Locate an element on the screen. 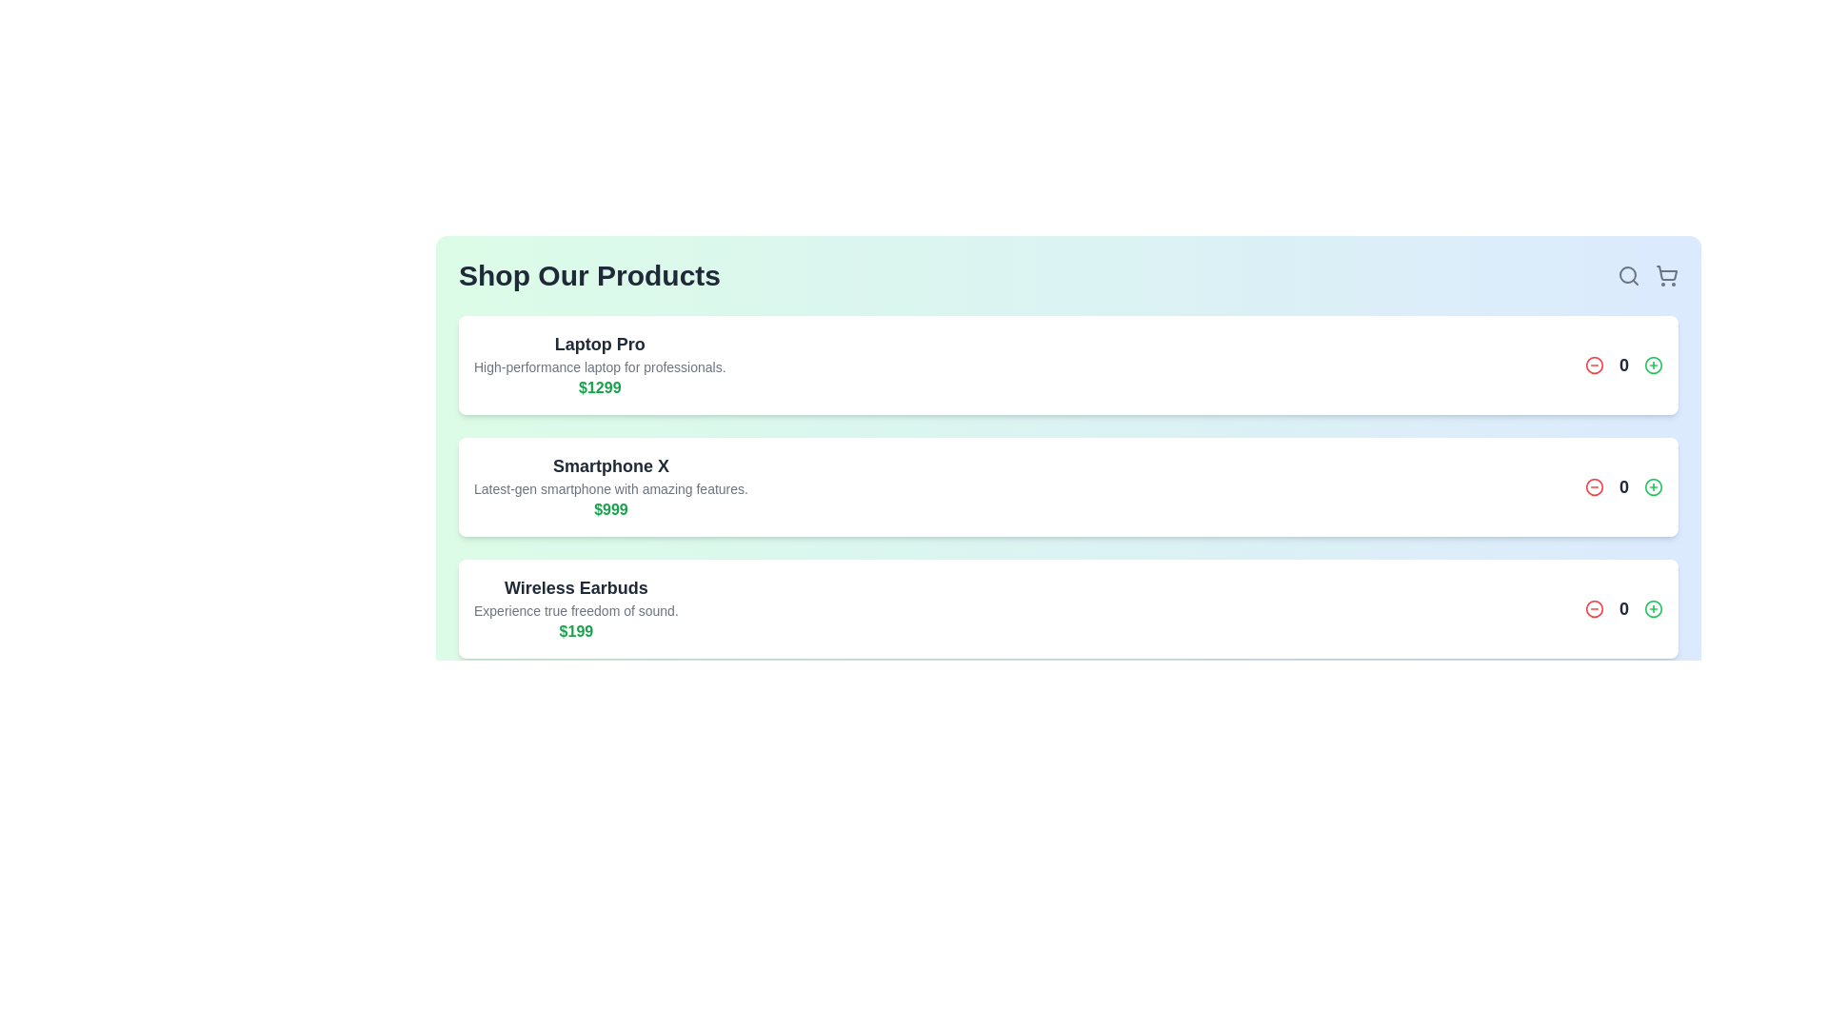  the minus button for the product with title Laptop Pro is located at coordinates (1595, 366).